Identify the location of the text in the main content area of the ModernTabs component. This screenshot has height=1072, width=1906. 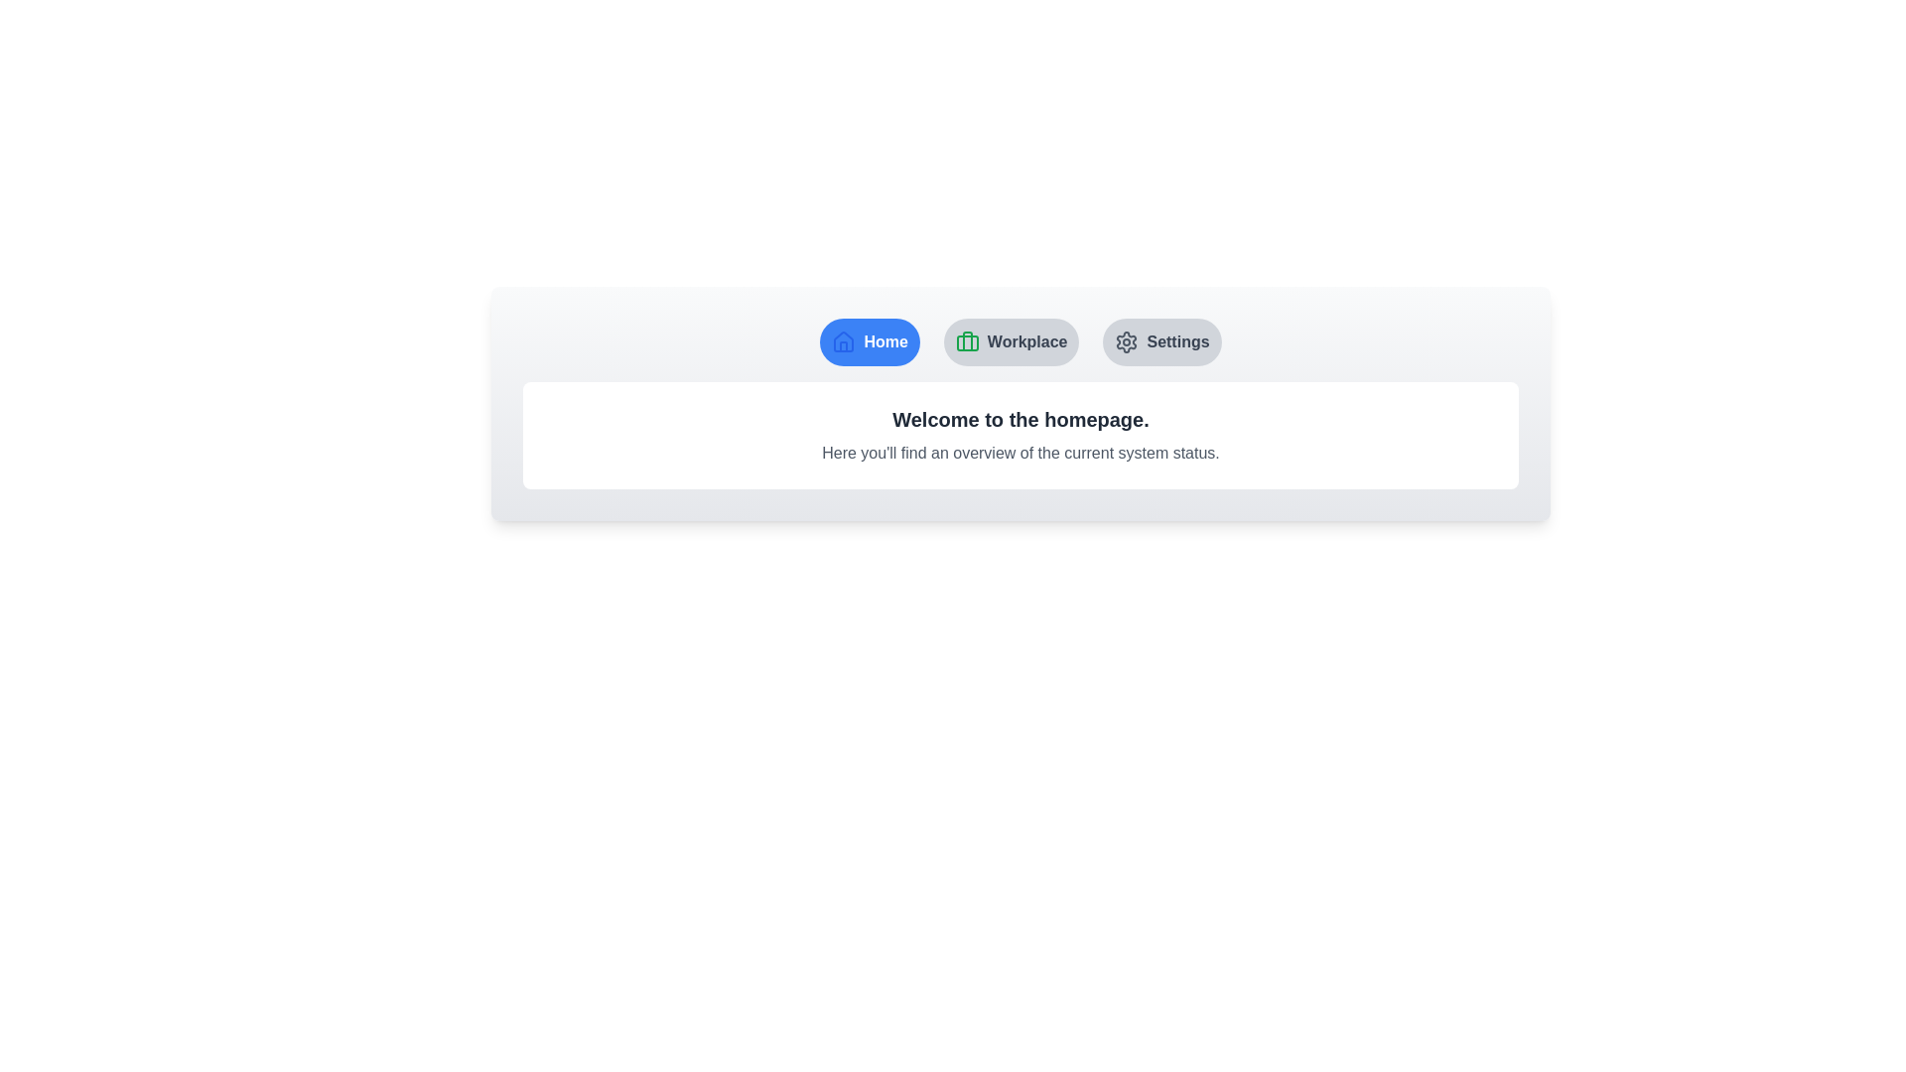
(523, 382).